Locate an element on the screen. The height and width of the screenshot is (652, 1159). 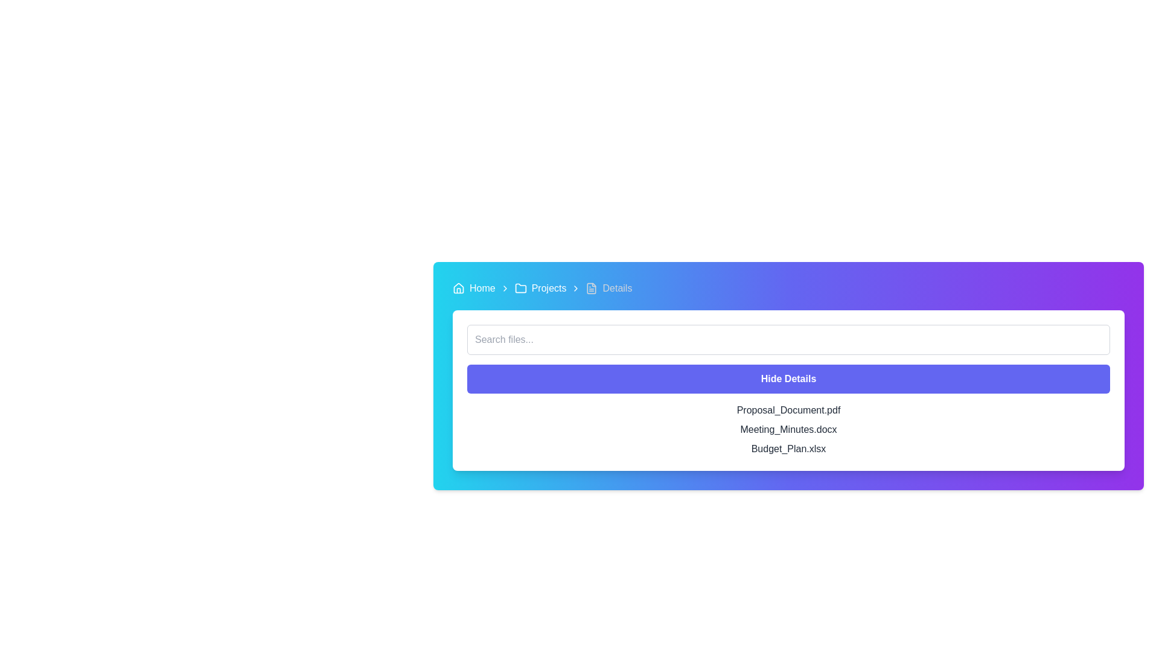
the folder icon in the breadcrumb navigation bar is located at coordinates (520, 288).